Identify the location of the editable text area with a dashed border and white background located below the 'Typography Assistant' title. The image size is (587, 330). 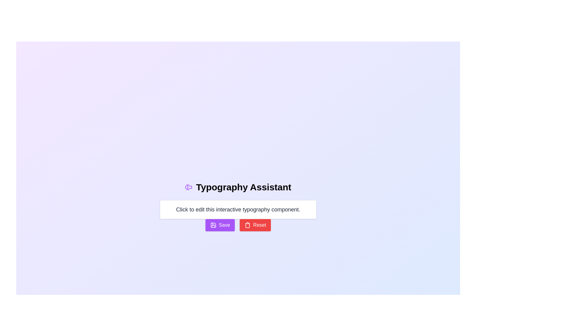
(238, 209).